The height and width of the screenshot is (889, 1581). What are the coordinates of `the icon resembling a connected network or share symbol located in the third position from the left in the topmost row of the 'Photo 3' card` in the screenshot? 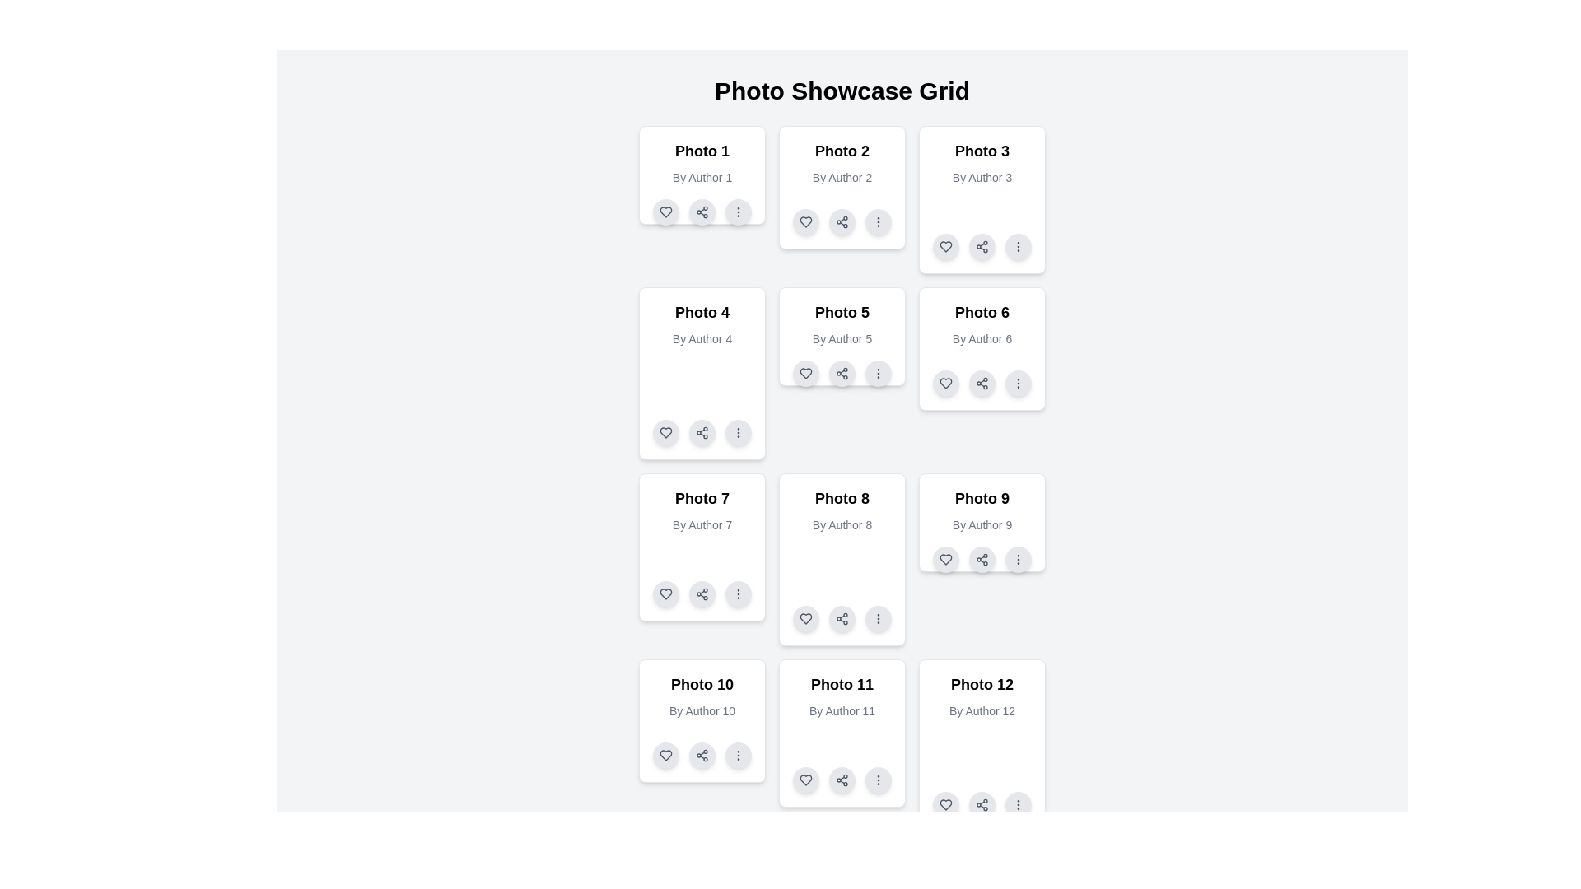 It's located at (982, 247).